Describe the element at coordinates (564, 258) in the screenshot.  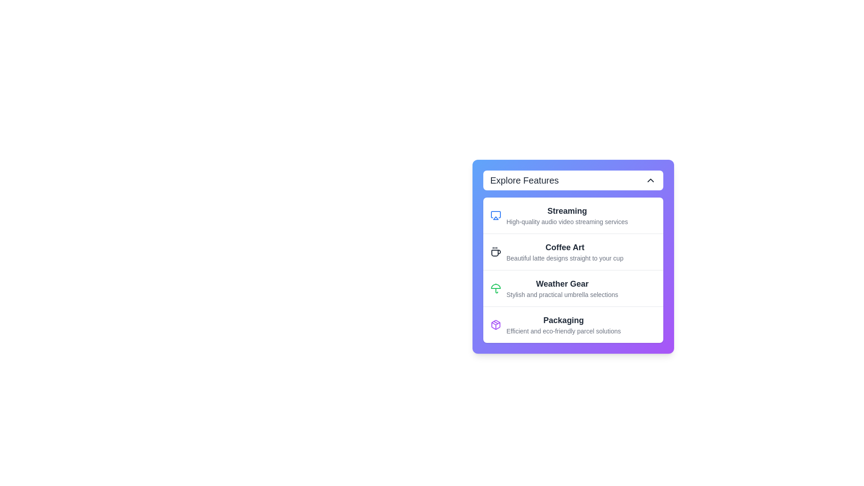
I see `small-sized gray text reading 'Beautiful latte designs straight to your cup' located under the 'Coffee Art' heading in the 'Explore Features' window` at that location.